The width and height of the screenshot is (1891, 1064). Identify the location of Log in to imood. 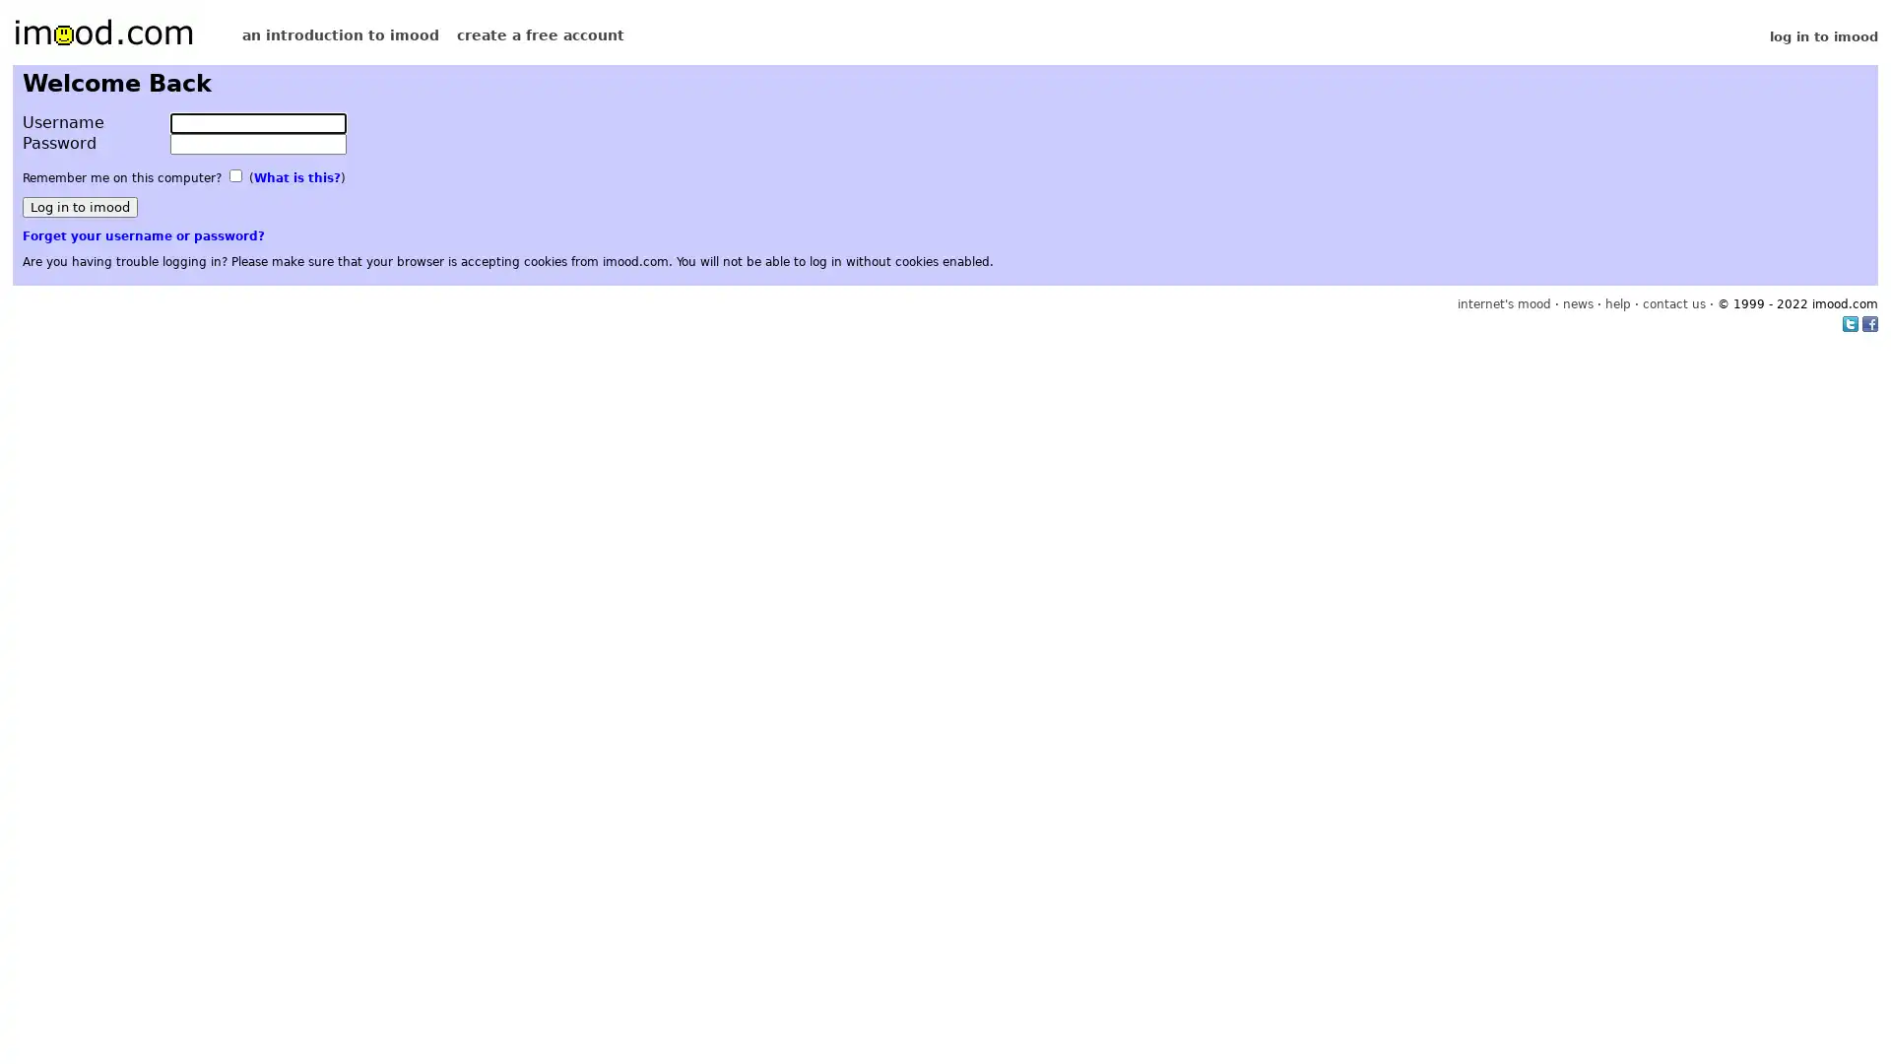
(79, 207).